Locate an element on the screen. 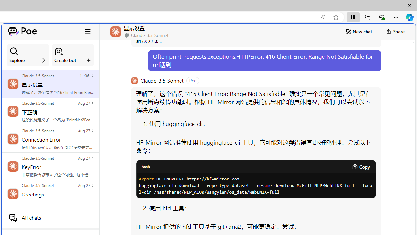 The width and height of the screenshot is (417, 235). 'Class: ManageBotsCardSection_labelIcon__EjW_j' is located at coordinates (88, 60).